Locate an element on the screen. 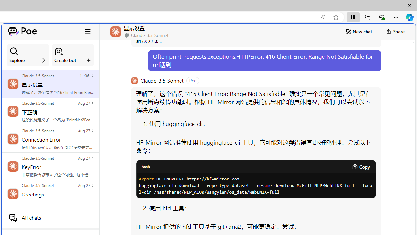 The width and height of the screenshot is (417, 235). 'Class: ManageBotsCardSection_labelIcon__EjW_j' is located at coordinates (88, 60).